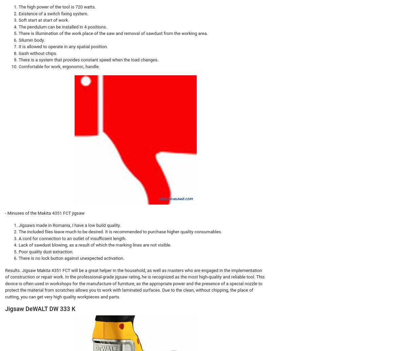  Describe the element at coordinates (38, 53) in the screenshot. I see `'Gash without chips.'` at that location.